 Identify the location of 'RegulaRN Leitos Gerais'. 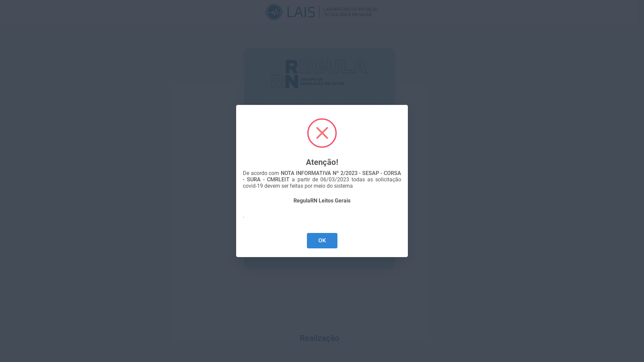
(322, 200).